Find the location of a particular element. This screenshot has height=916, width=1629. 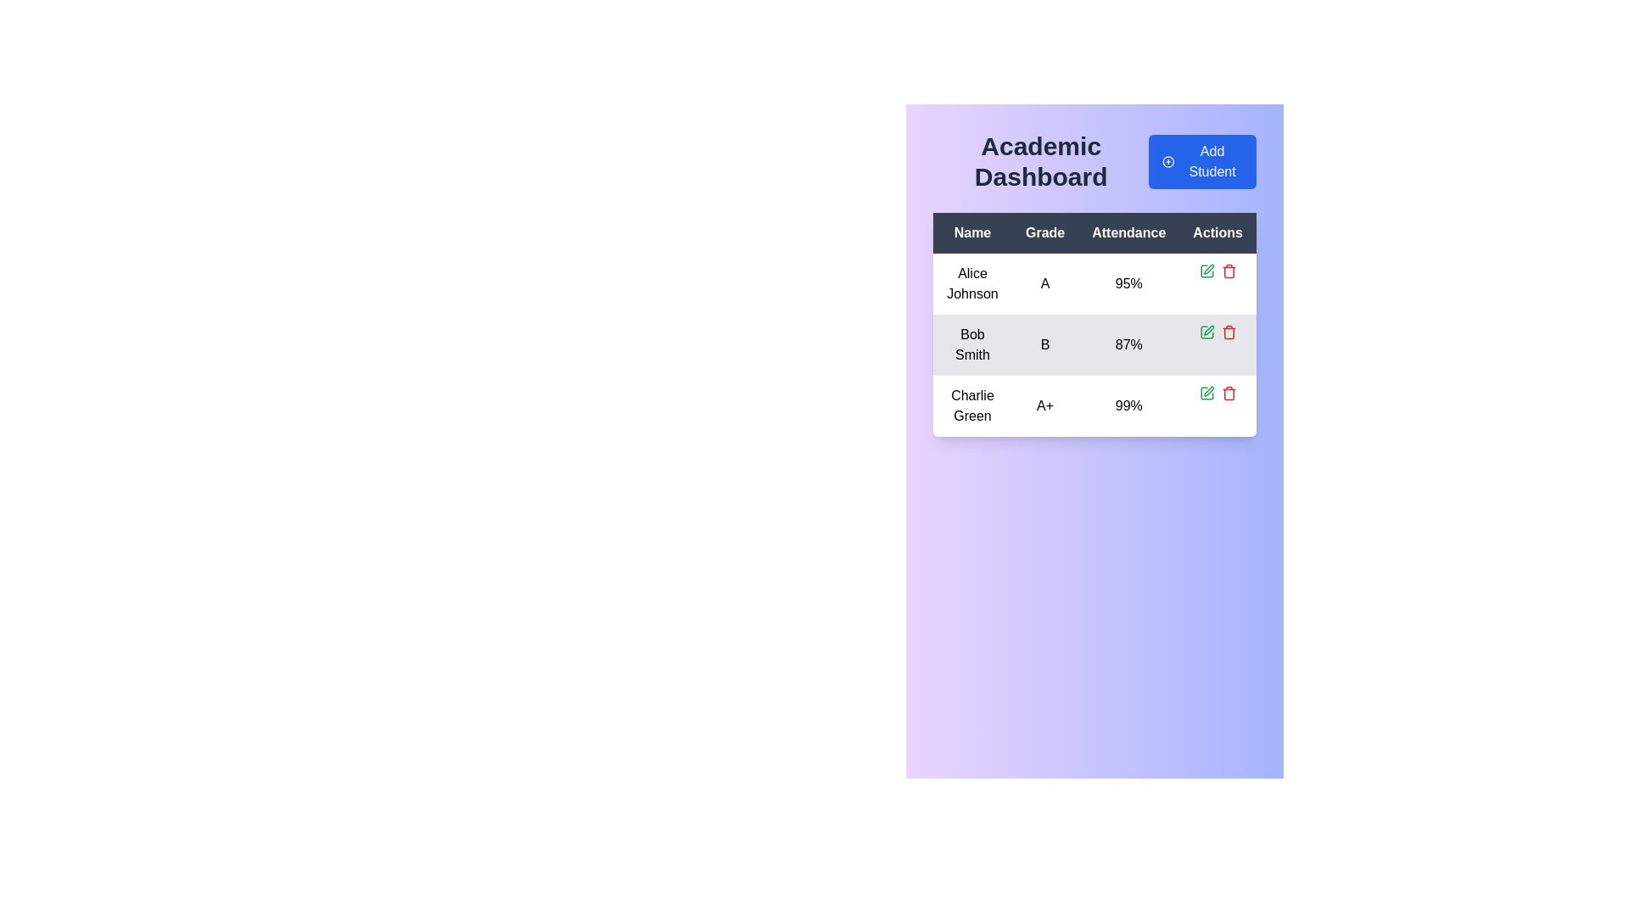

the first row of the user data table that includes 'Alice Johnson', 'A', and '95%' is located at coordinates (1094, 283).